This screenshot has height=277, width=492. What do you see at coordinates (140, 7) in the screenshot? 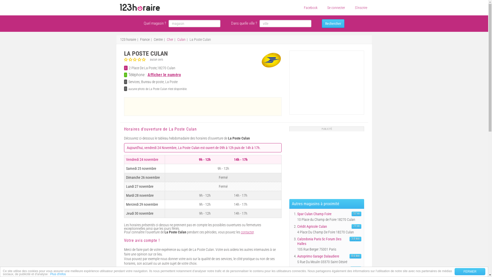
I see `'123horaires'` at bounding box center [140, 7].